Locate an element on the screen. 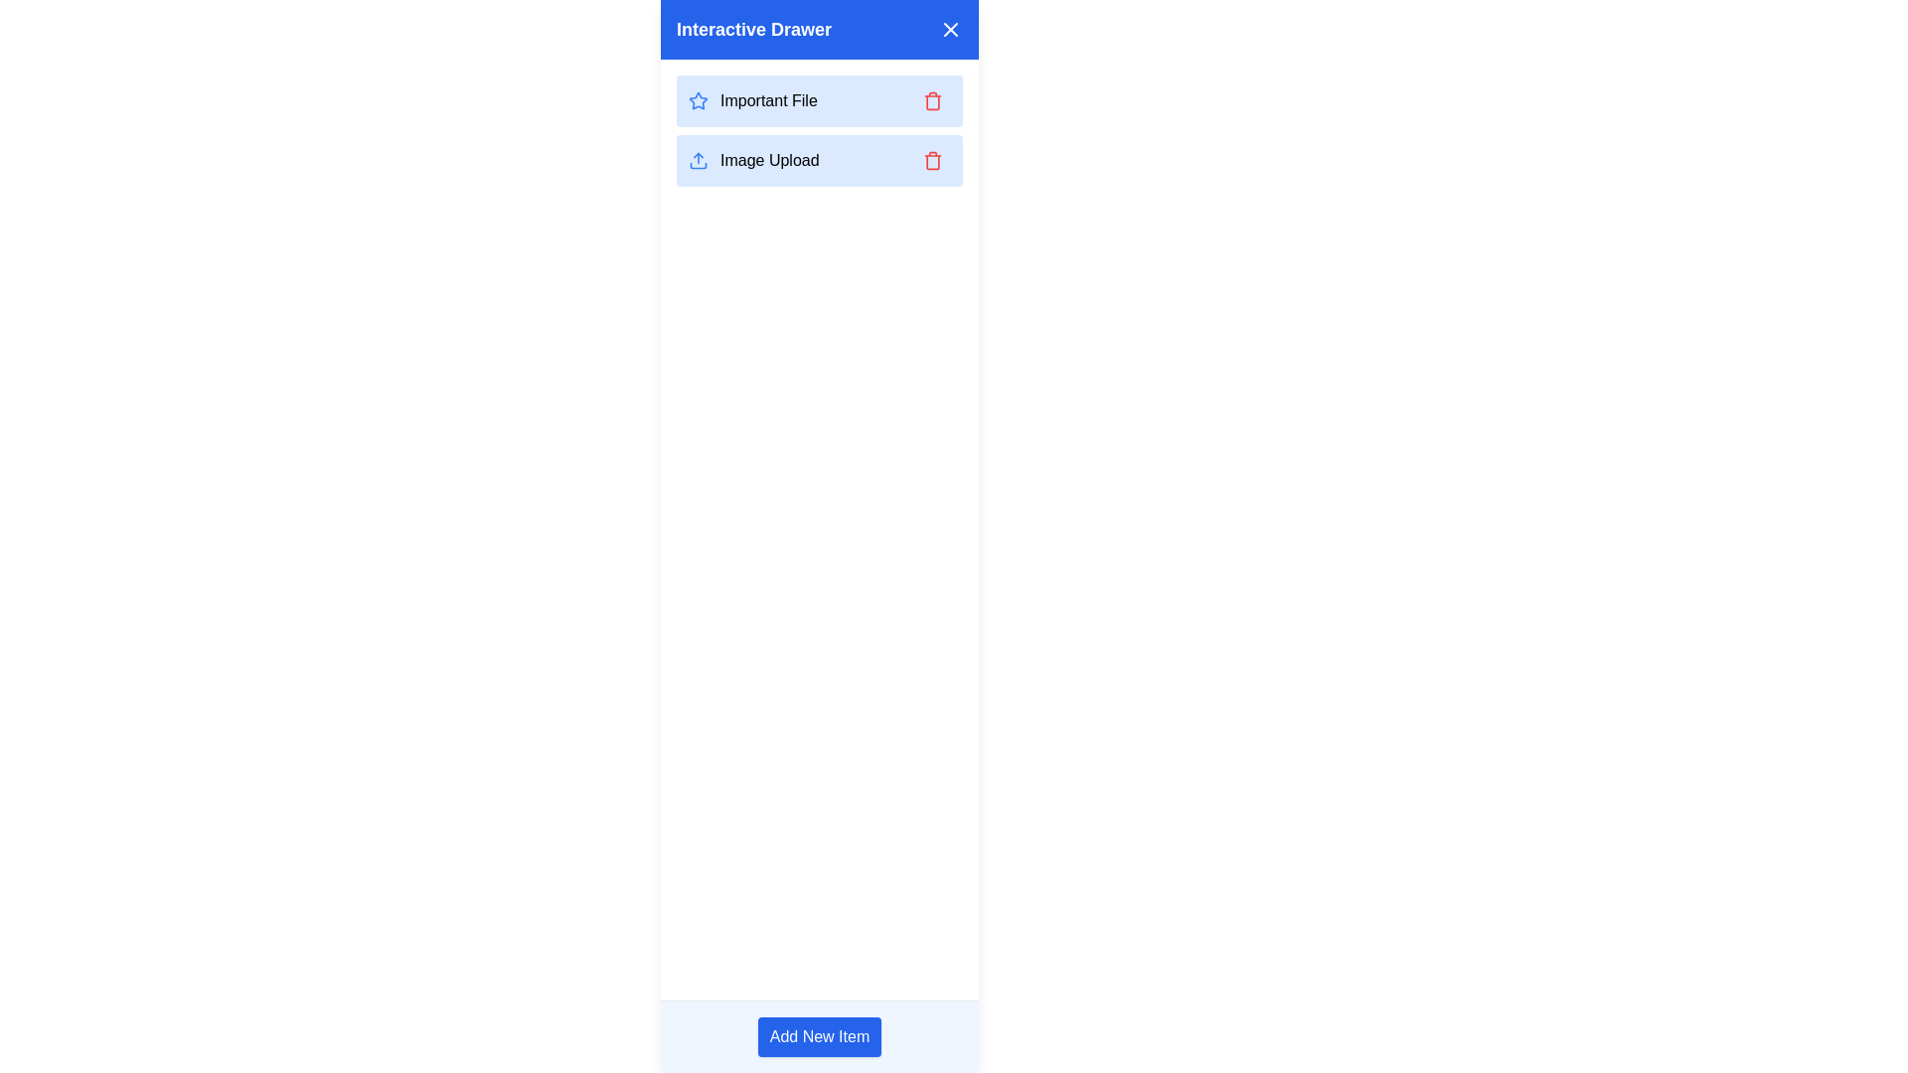 This screenshot has height=1073, width=1908. the button with an icon and text label located beneath the 'Important File' entry in the interactive drawer to initiate the image uploading process is located at coordinates (752, 160).